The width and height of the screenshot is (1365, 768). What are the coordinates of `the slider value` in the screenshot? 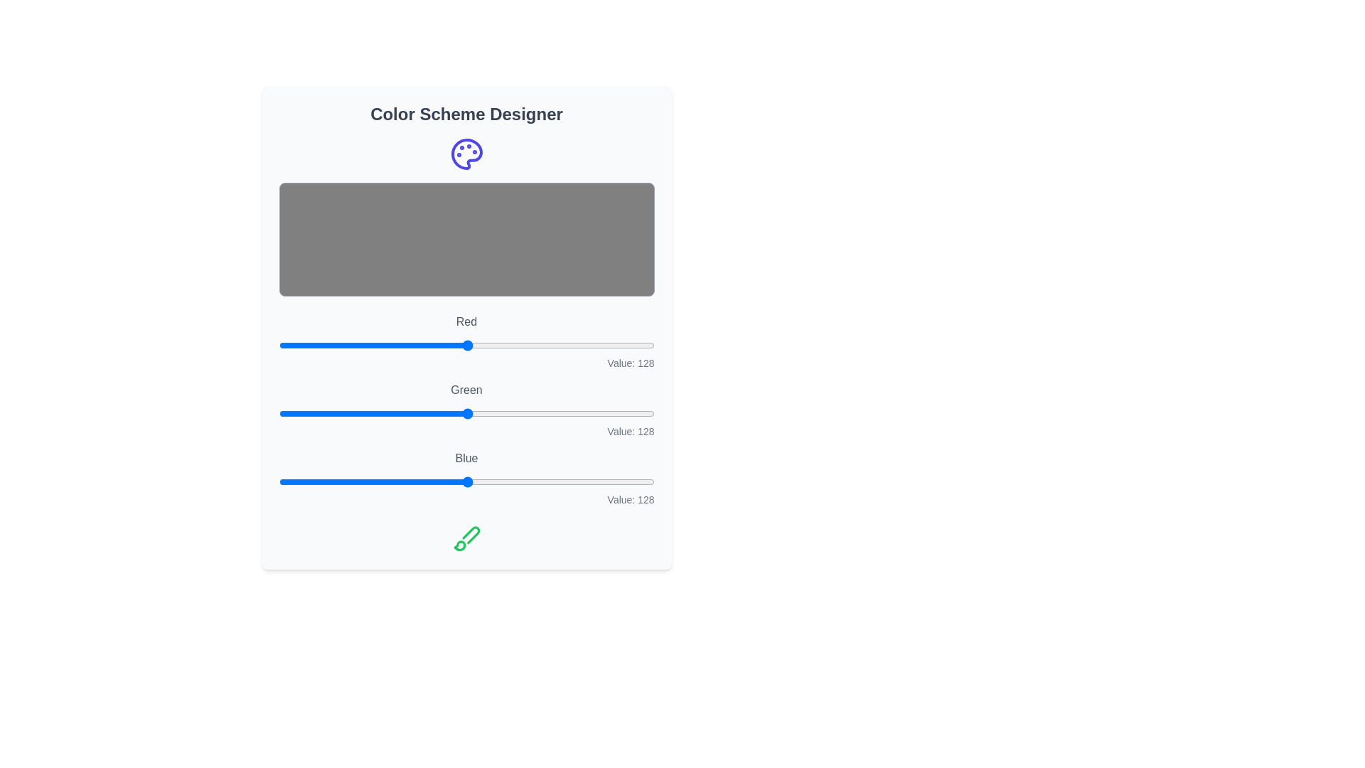 It's located at (450, 481).